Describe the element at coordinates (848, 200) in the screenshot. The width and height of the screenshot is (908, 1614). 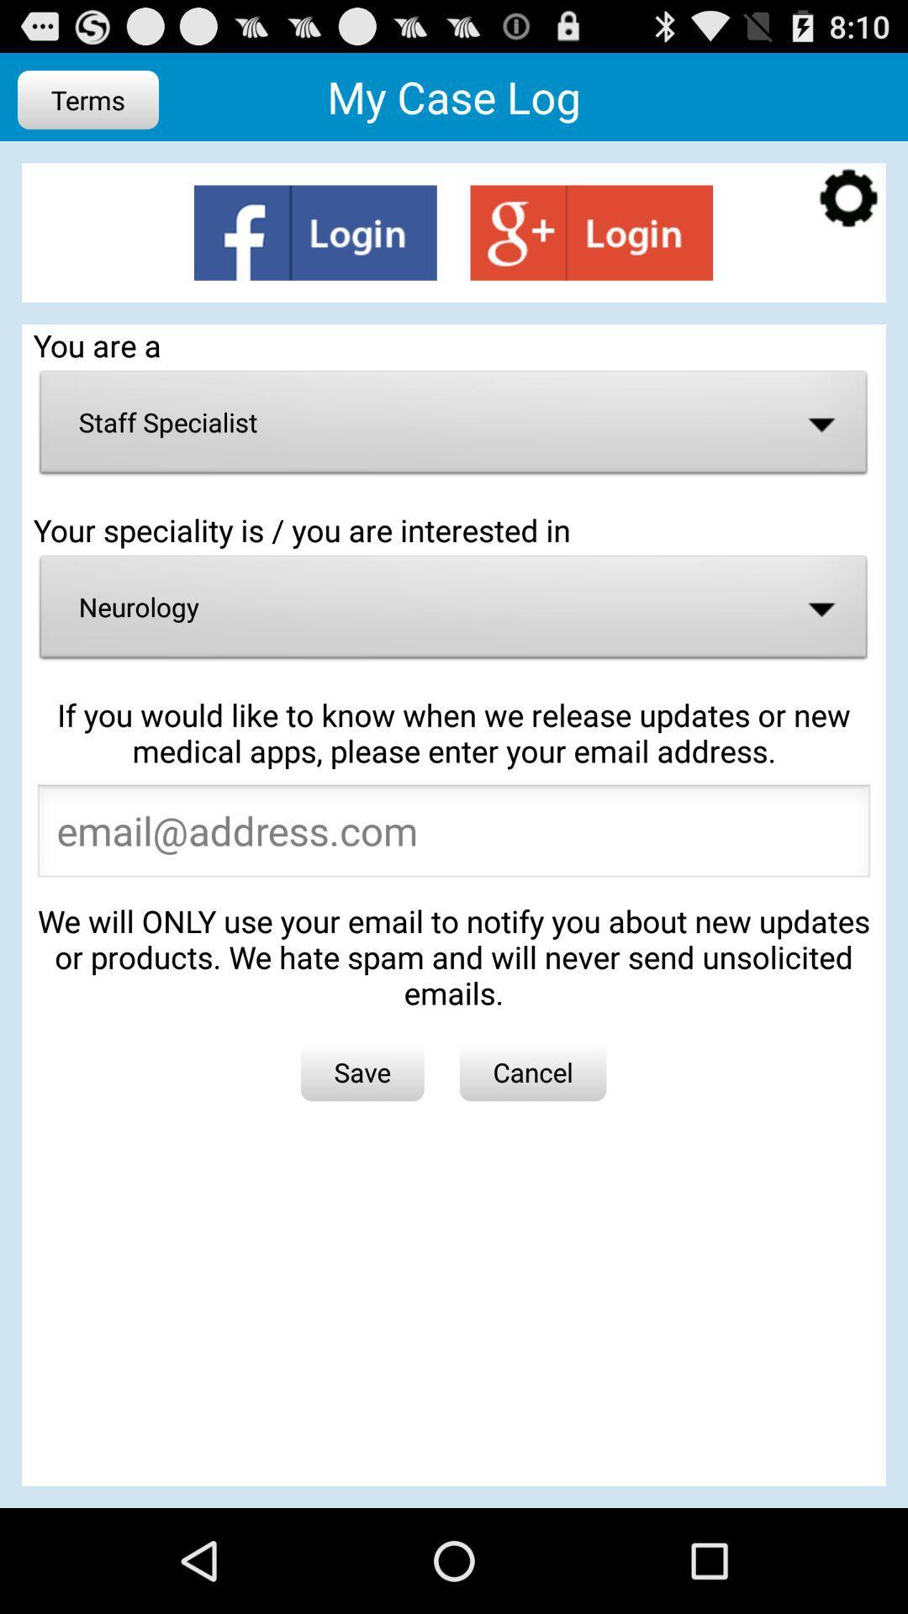
I see `setting the option` at that location.